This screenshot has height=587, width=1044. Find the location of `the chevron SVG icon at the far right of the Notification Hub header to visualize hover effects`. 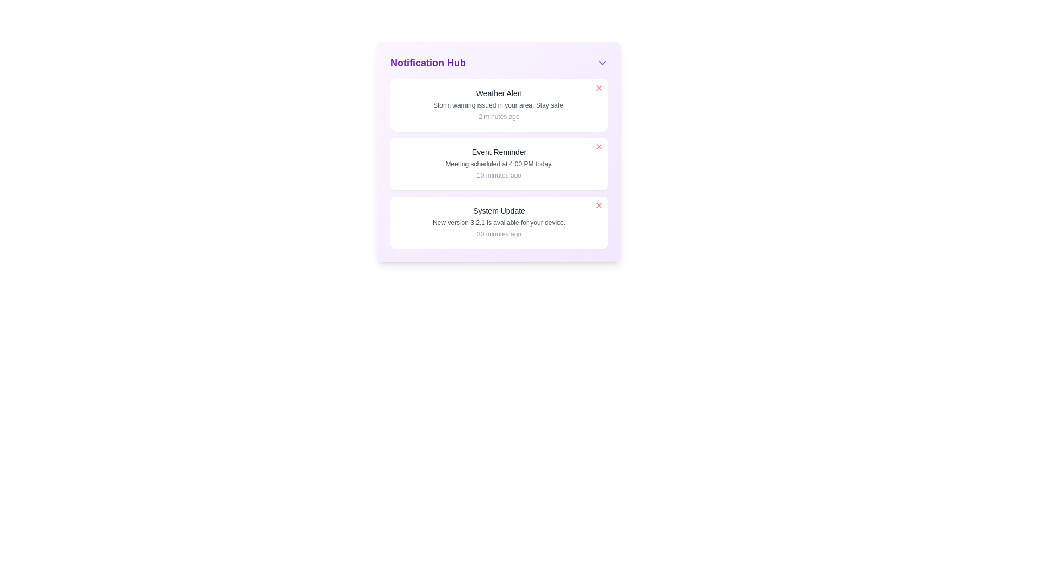

the chevron SVG icon at the far right of the Notification Hub header to visualize hover effects is located at coordinates (602, 63).